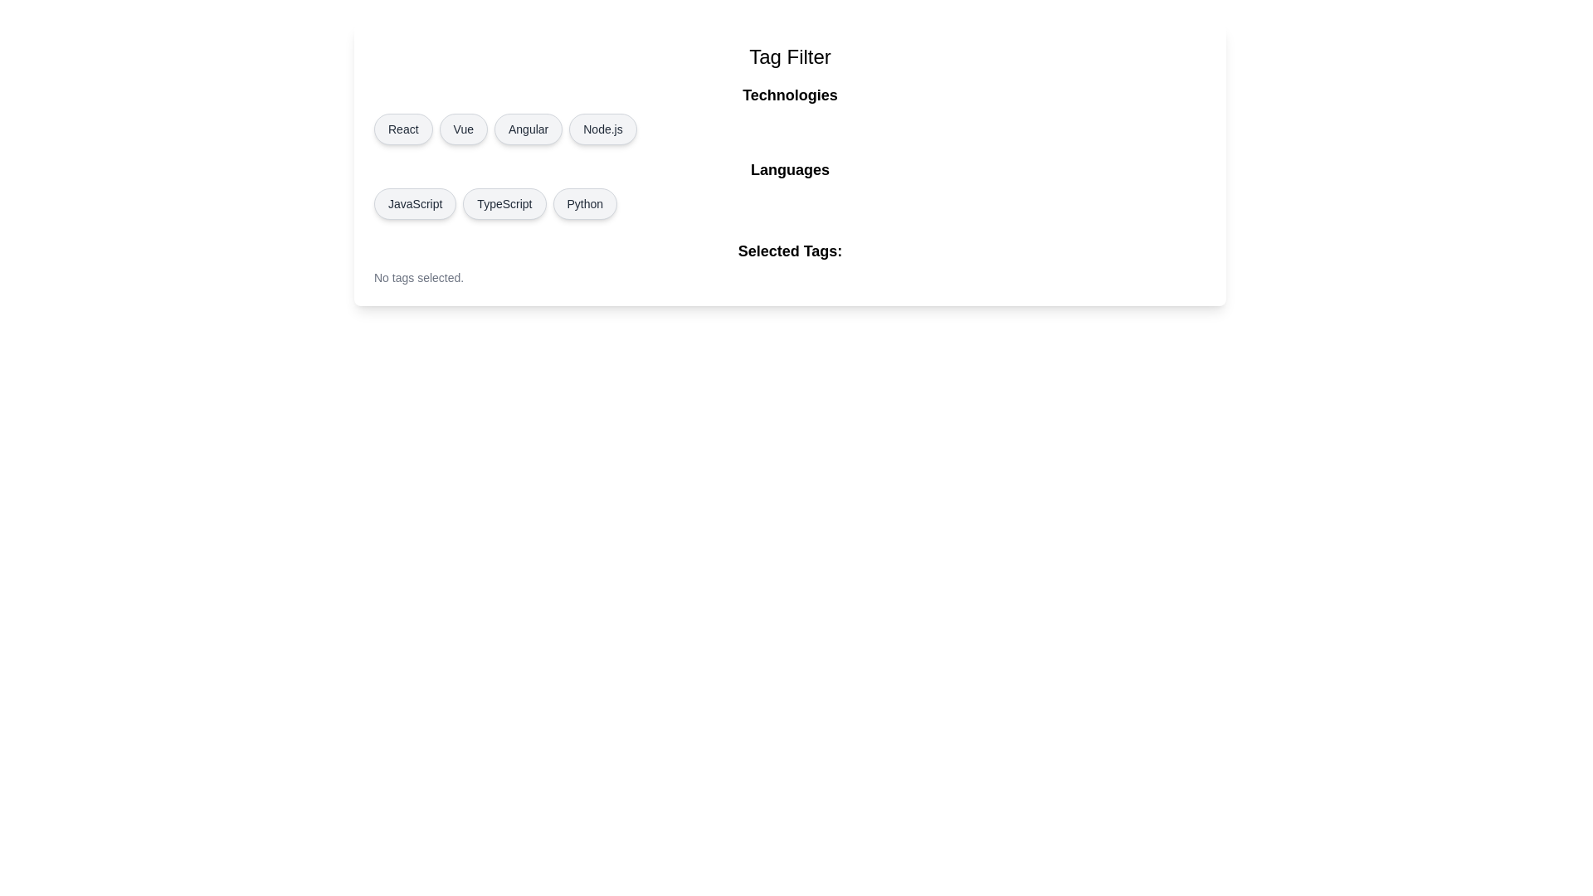 Image resolution: width=1593 pixels, height=896 pixels. I want to click on the informational text block indicating the currently selected tags in the 'Tag Filter' interface, located near the bottom of the panel, below 'Technologies' and 'Languages', so click(789, 261).